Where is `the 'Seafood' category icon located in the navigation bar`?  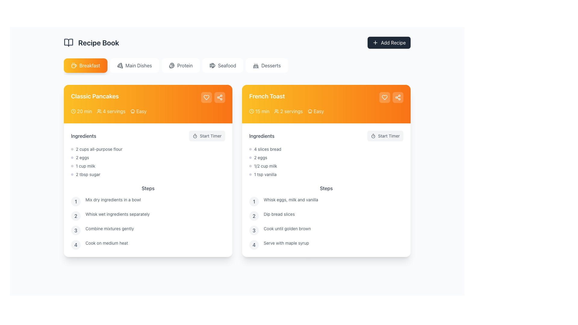 the 'Seafood' category icon located in the navigation bar is located at coordinates (213, 66).